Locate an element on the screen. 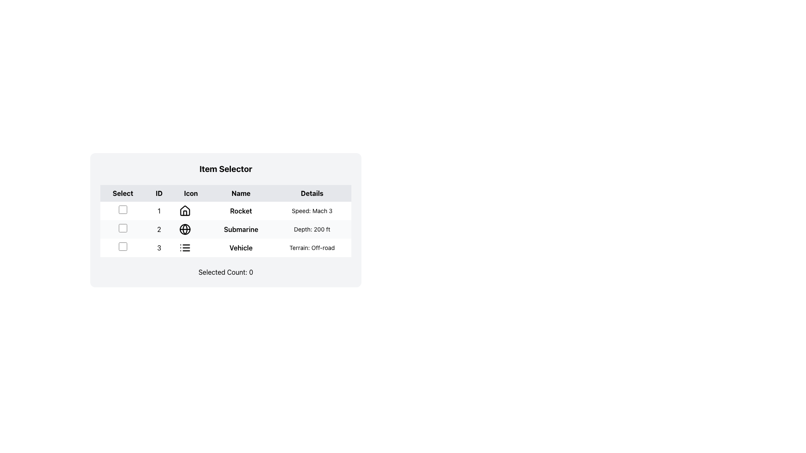 This screenshot has height=453, width=806. the house icon graphic located in the first row of the table under the 'Icon' column is located at coordinates (185, 213).